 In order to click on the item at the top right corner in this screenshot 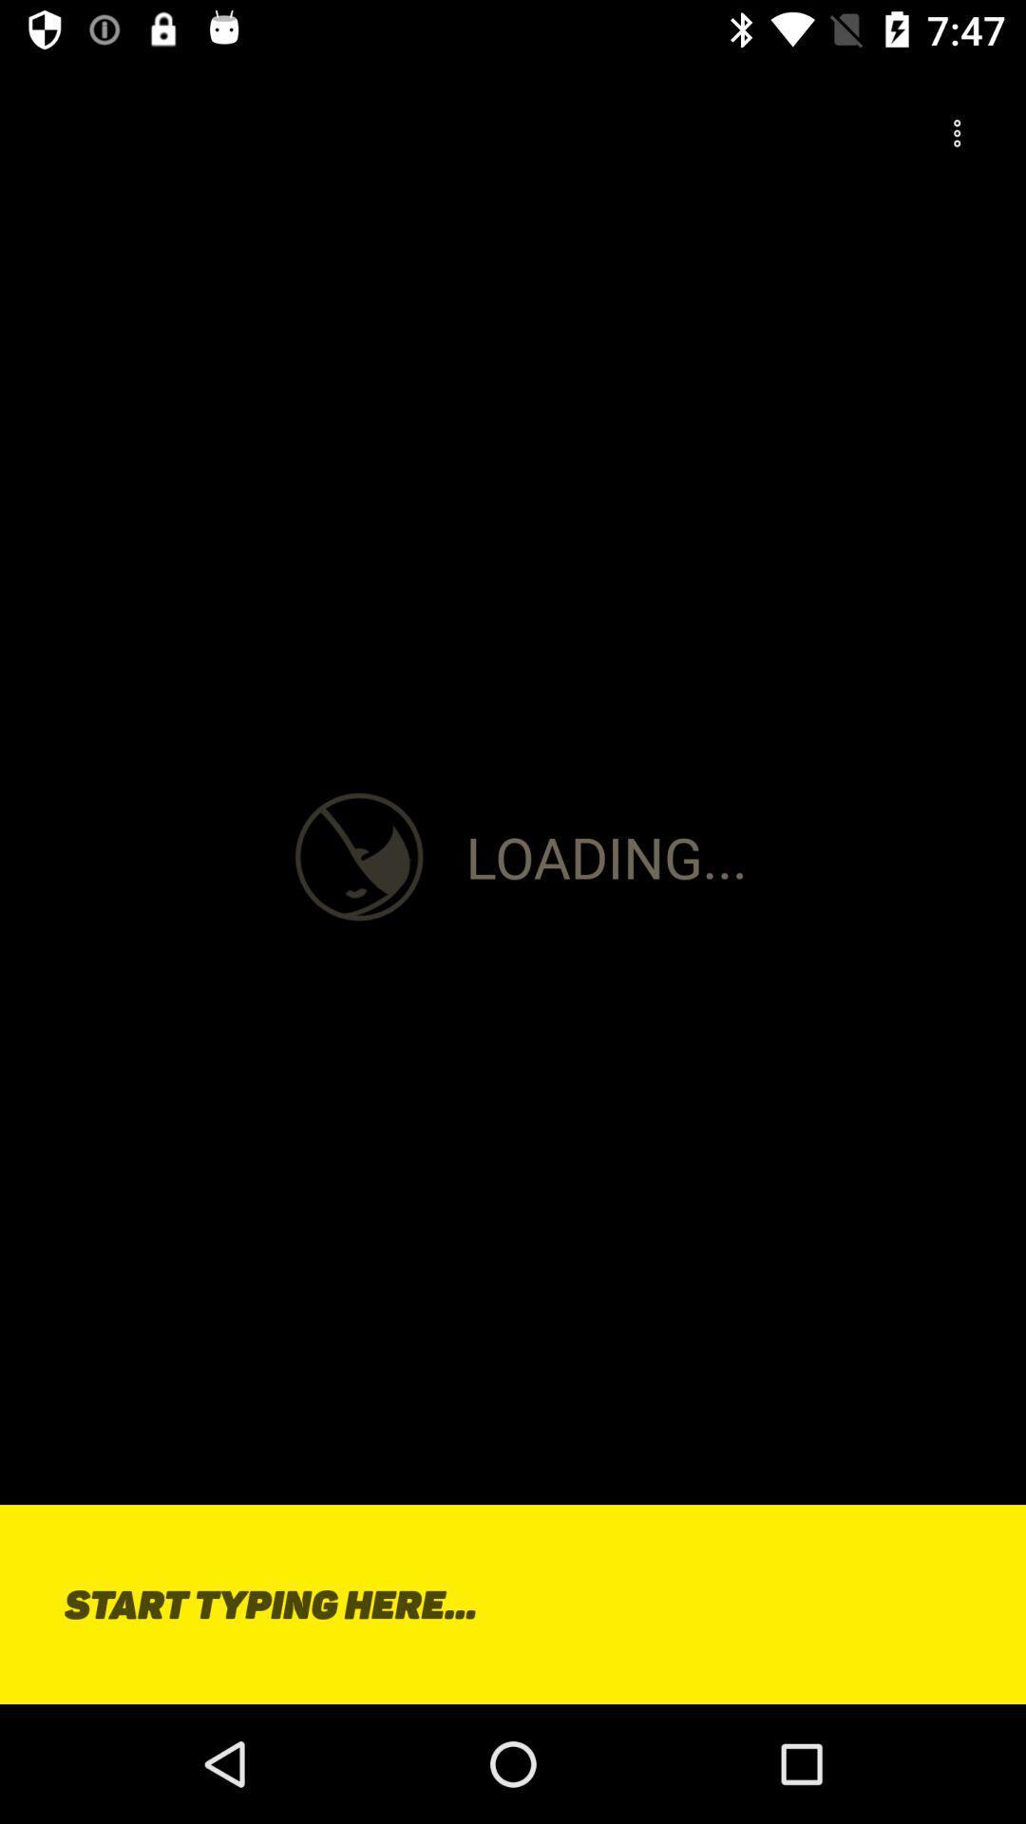, I will do `click(957, 133)`.